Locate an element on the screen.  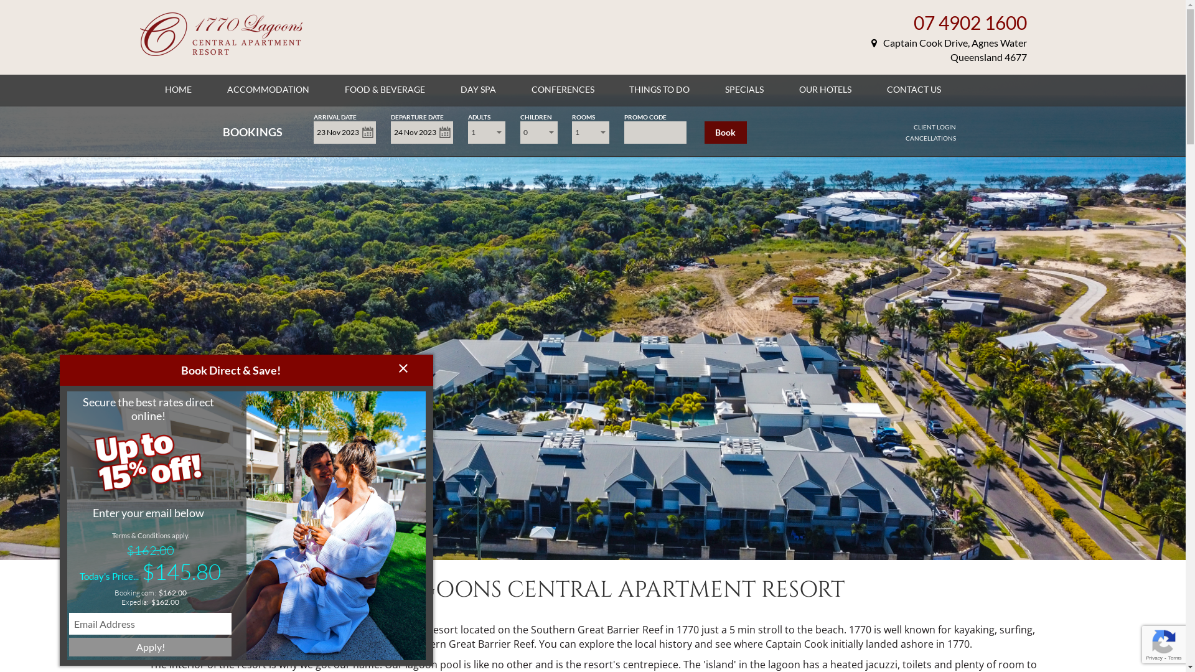
'SPECIALS' is located at coordinates (744, 88).